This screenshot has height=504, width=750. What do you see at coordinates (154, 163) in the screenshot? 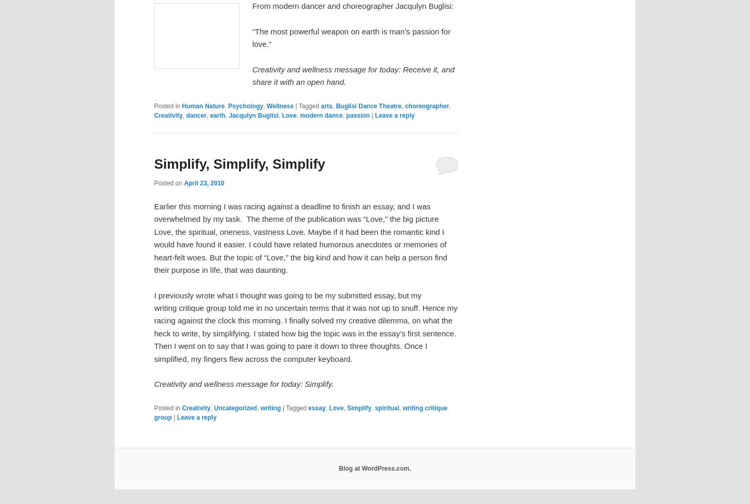
I see `'Simplify, Simplify, Simplify'` at bounding box center [154, 163].